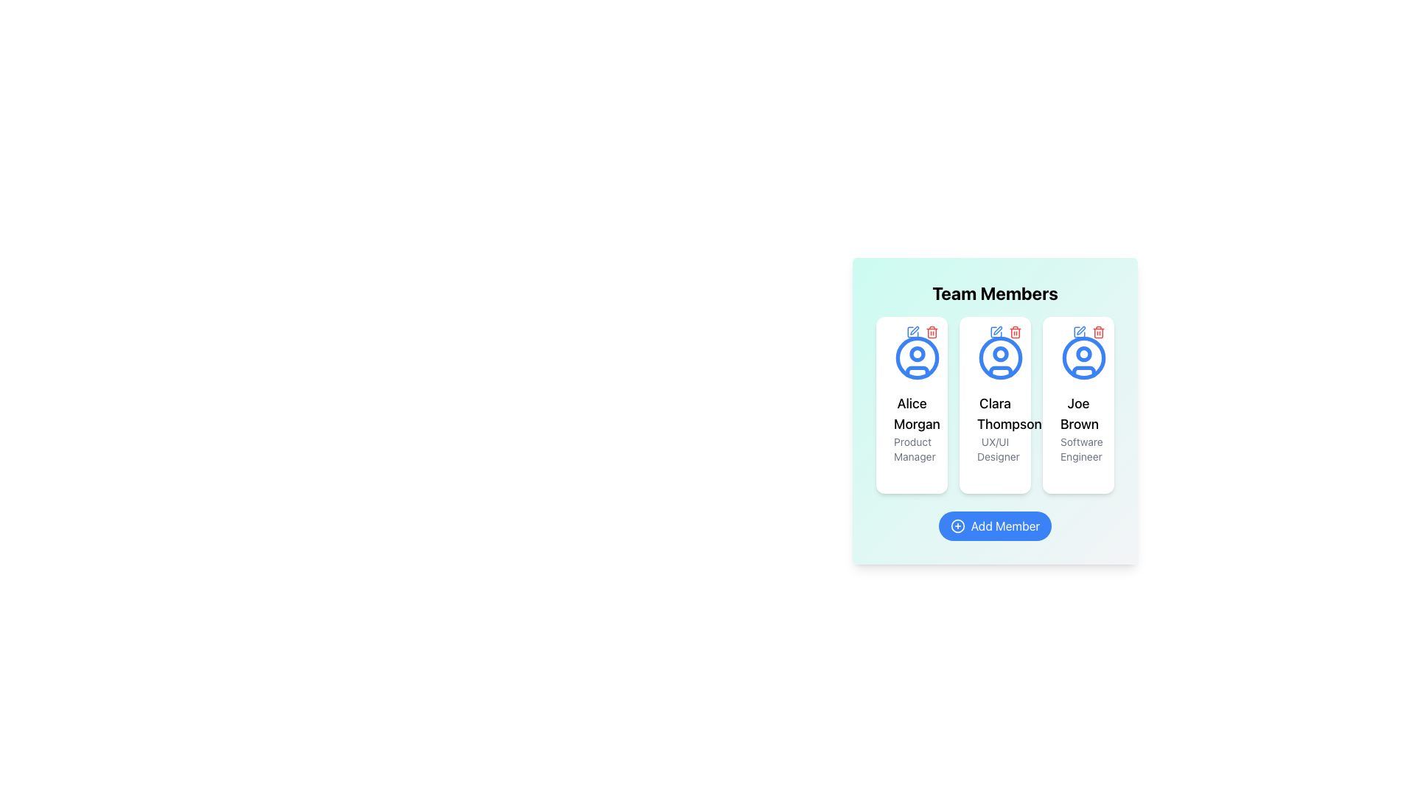 Image resolution: width=1415 pixels, height=796 pixels. I want to click on the interactive links within the Profile card for 'Clara Thompson', the second card in the 'Team Members' section, so click(995, 405).